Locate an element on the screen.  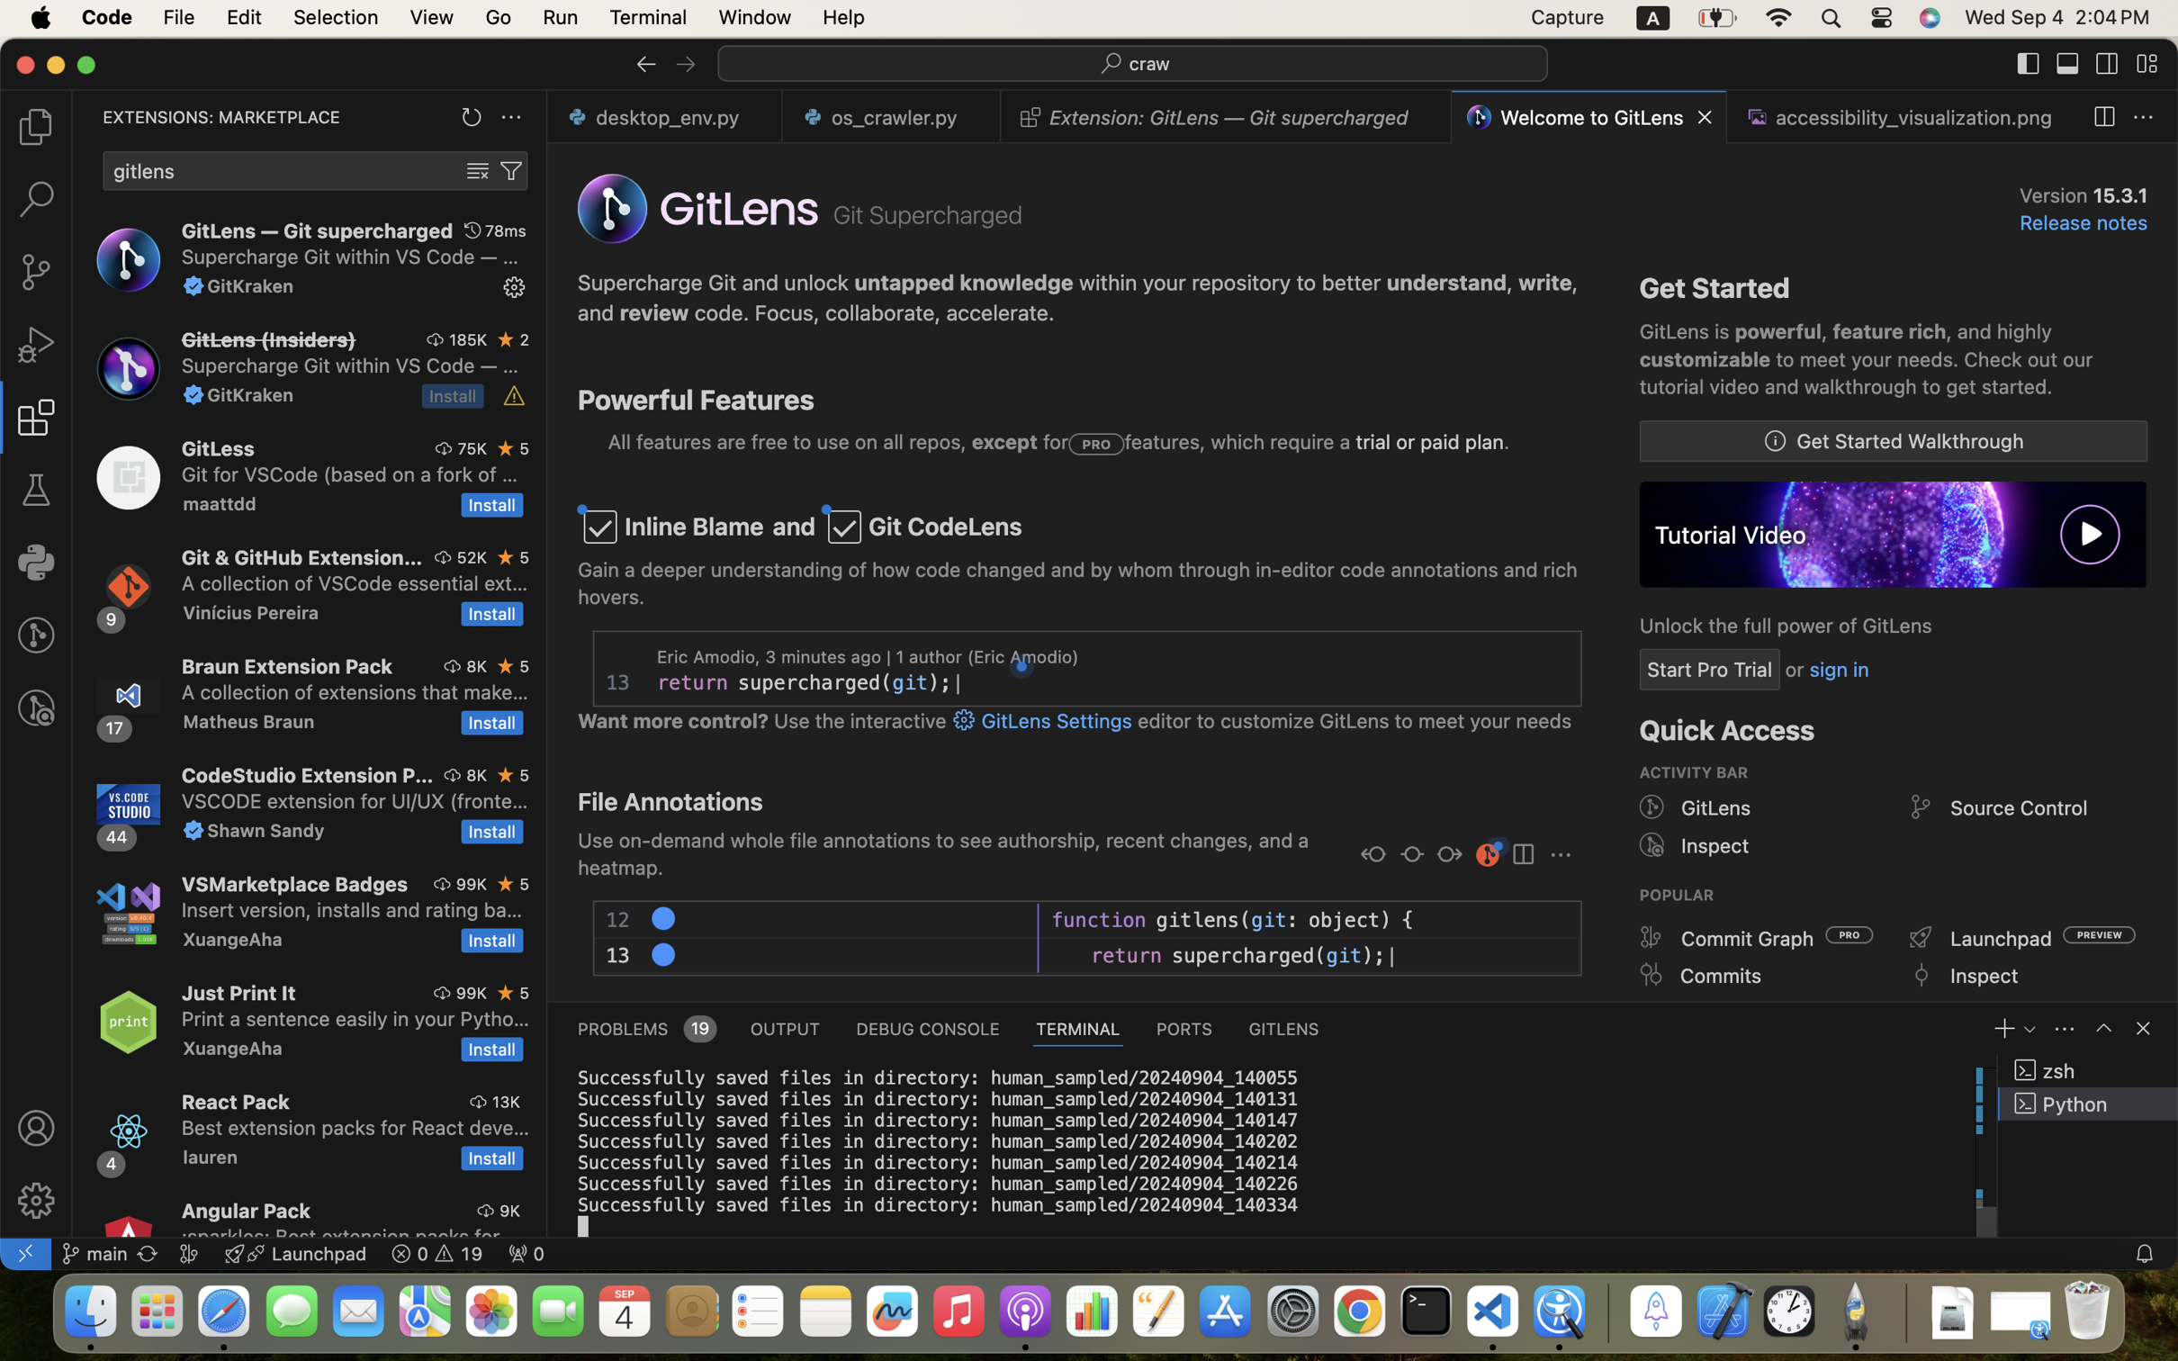
'99K' is located at coordinates (471, 882).